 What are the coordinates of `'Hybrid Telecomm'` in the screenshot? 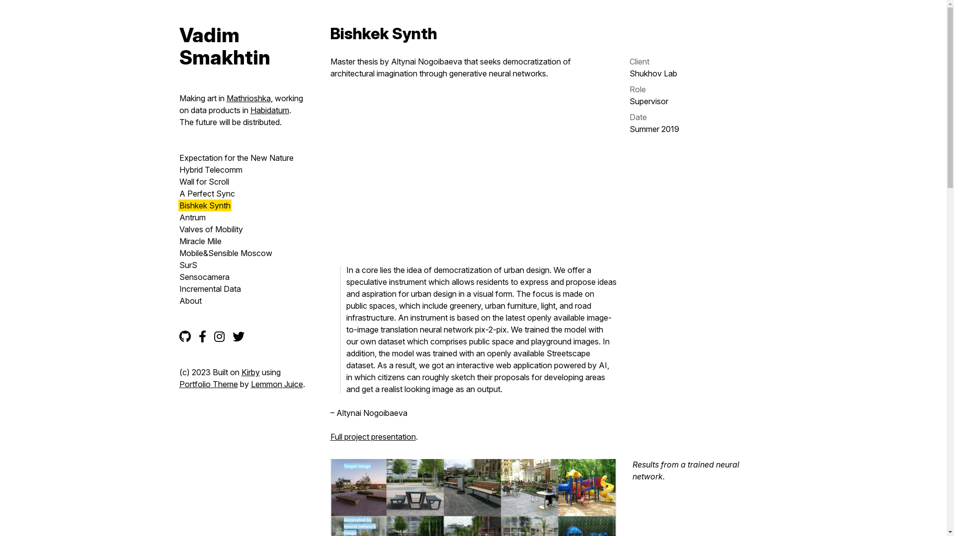 It's located at (210, 169).